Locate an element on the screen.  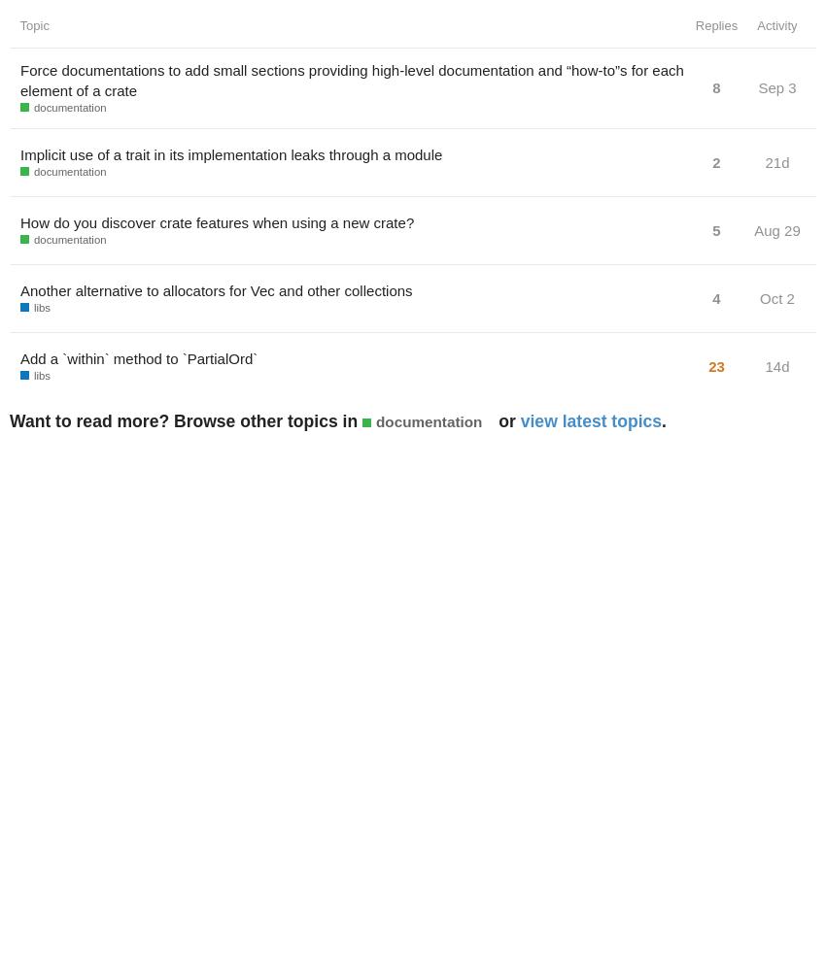
'21d' is located at coordinates (775, 161).